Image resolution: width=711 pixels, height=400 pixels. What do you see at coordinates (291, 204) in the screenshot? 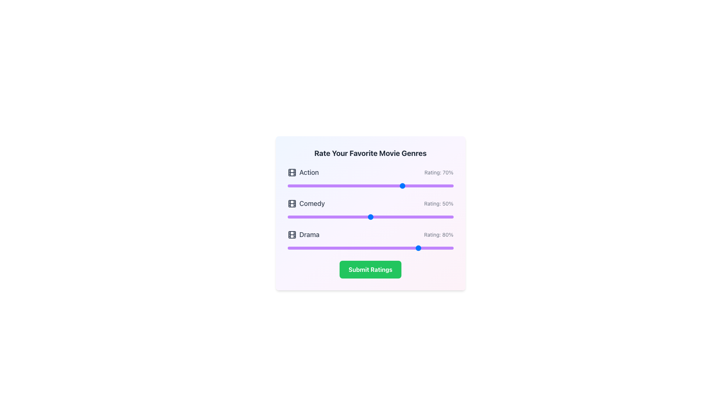
I see `the icon resembling a film reel located to the left of the text label 'Comedy'` at bounding box center [291, 204].